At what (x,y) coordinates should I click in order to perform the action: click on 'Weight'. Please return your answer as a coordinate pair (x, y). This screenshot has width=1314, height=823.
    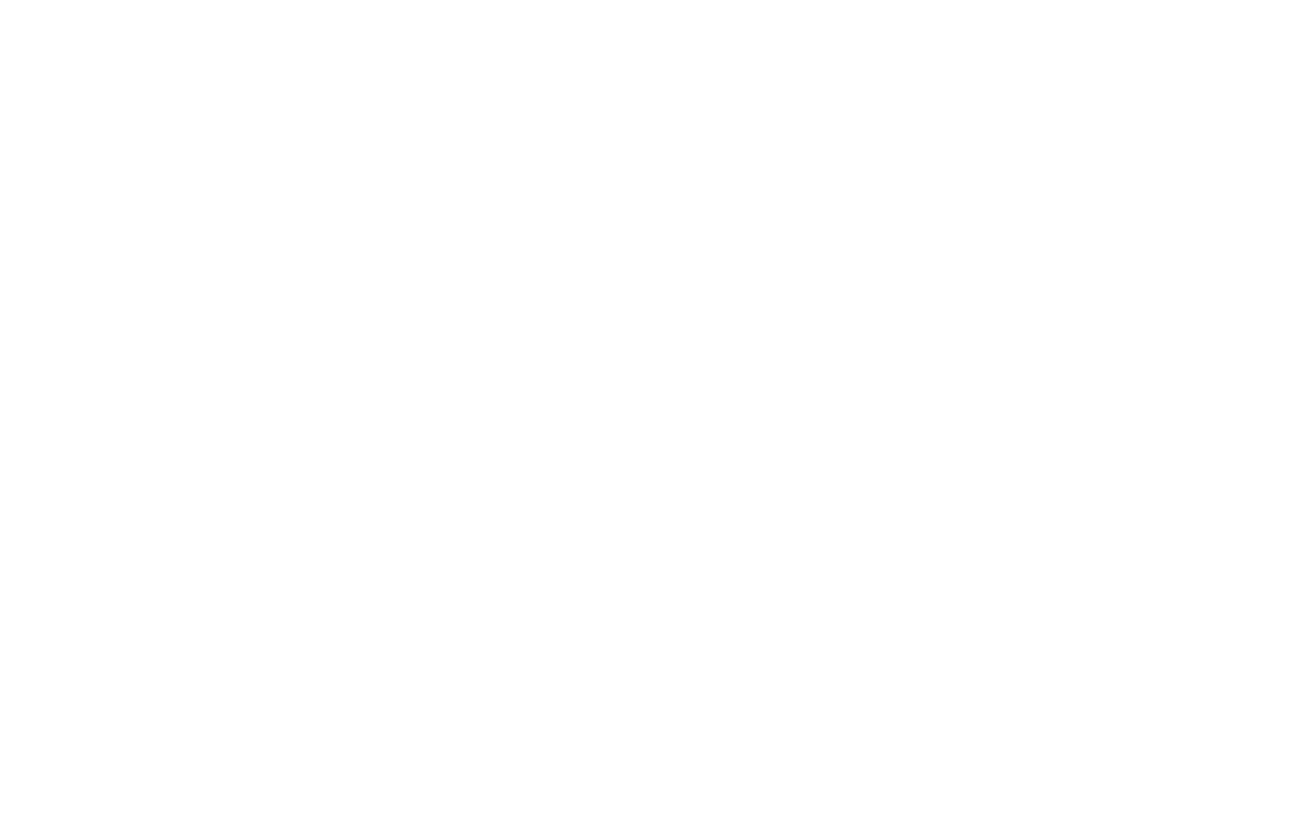
    Looking at the image, I should click on (864, 238).